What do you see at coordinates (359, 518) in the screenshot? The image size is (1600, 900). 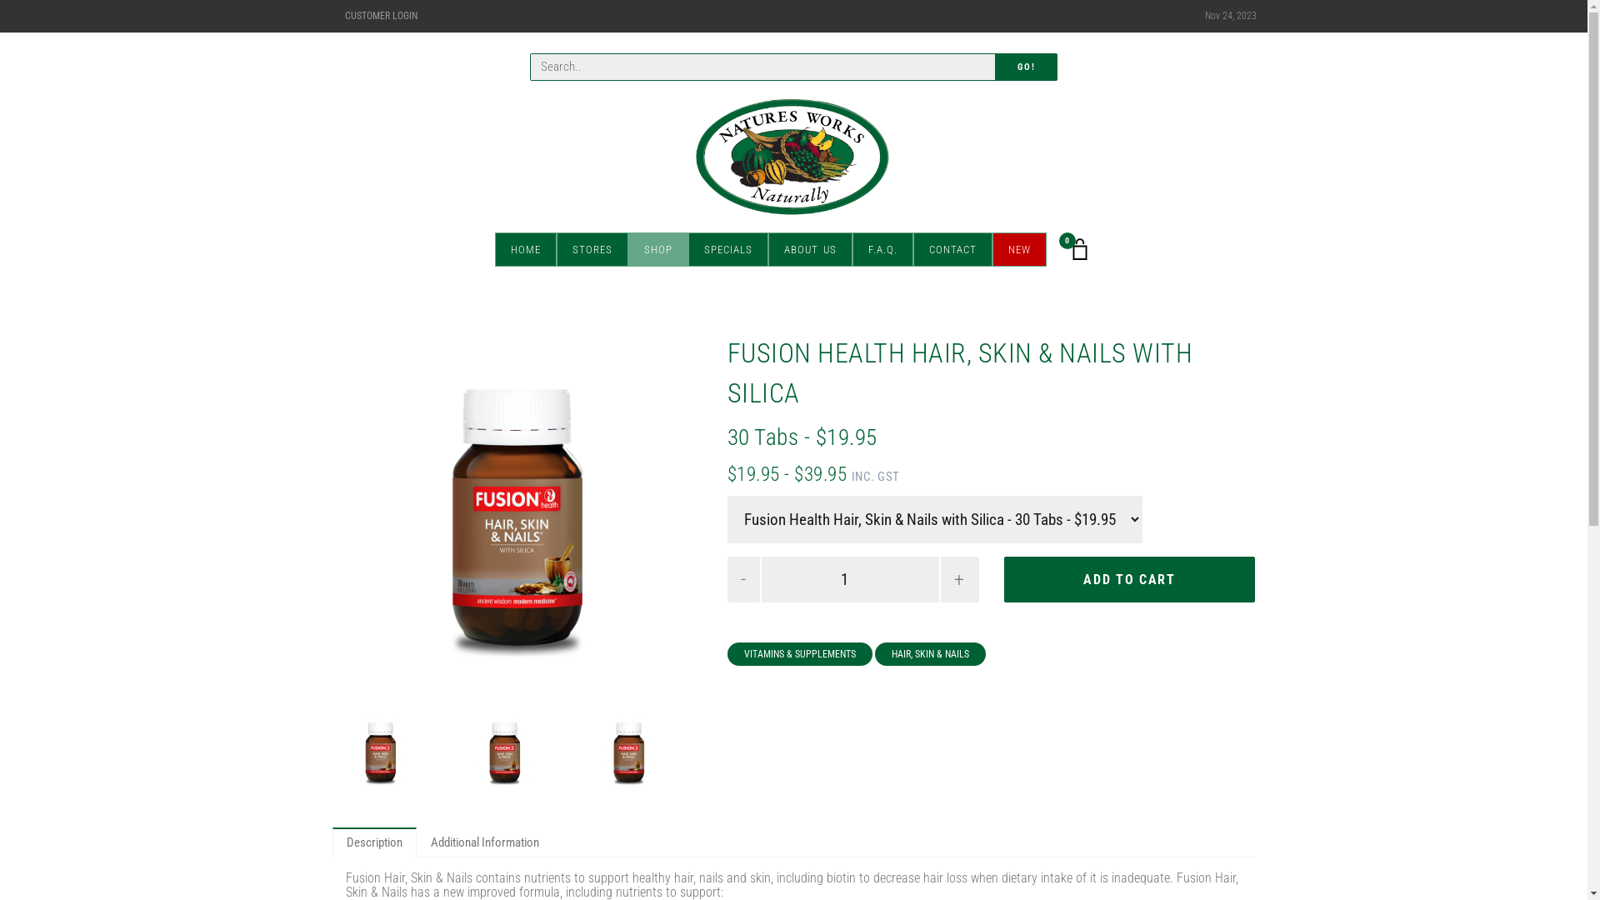 I see `'Previous'` at bounding box center [359, 518].